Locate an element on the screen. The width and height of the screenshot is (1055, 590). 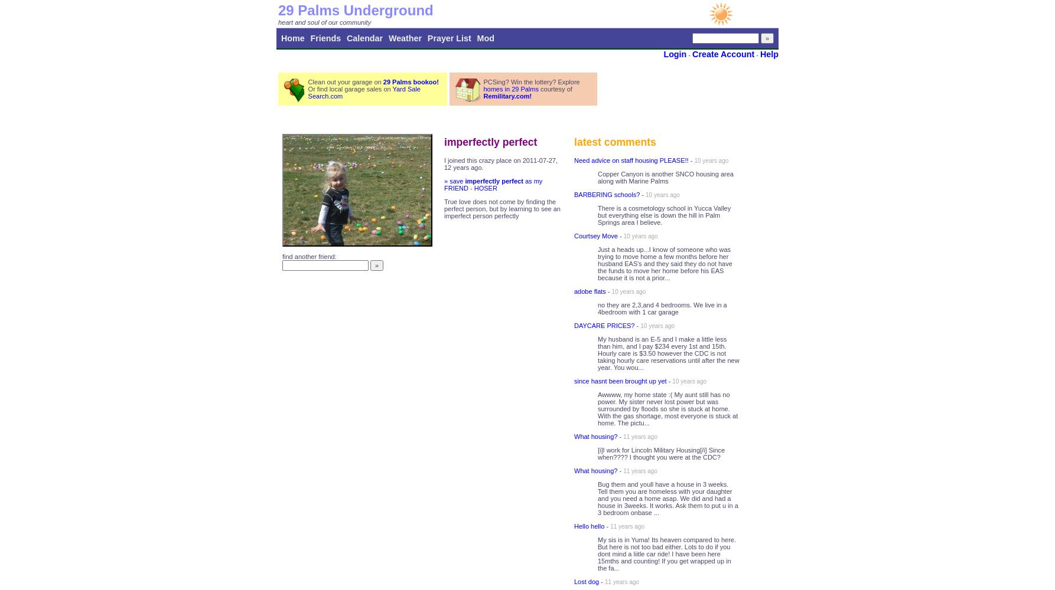
'Calendar' is located at coordinates (364, 38).